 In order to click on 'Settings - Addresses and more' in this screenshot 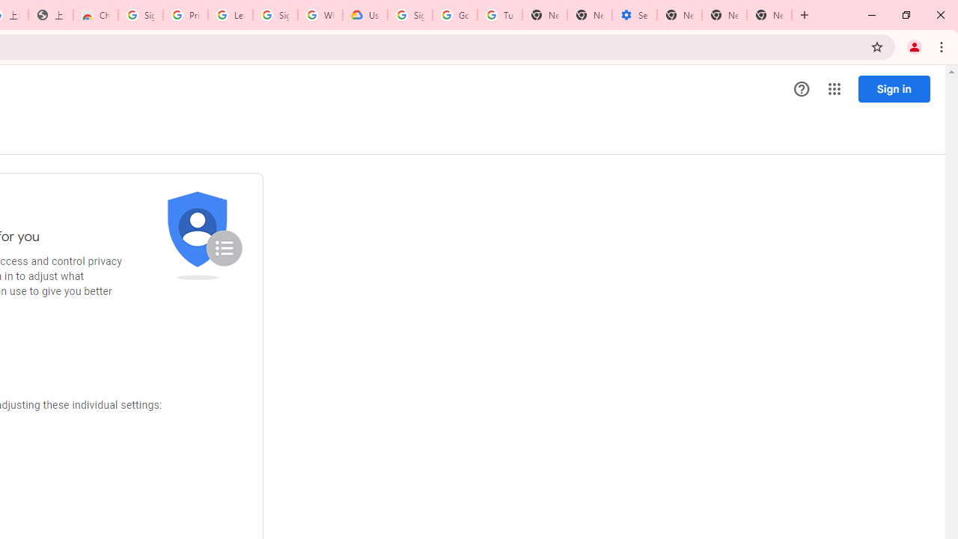, I will do `click(635, 15)`.